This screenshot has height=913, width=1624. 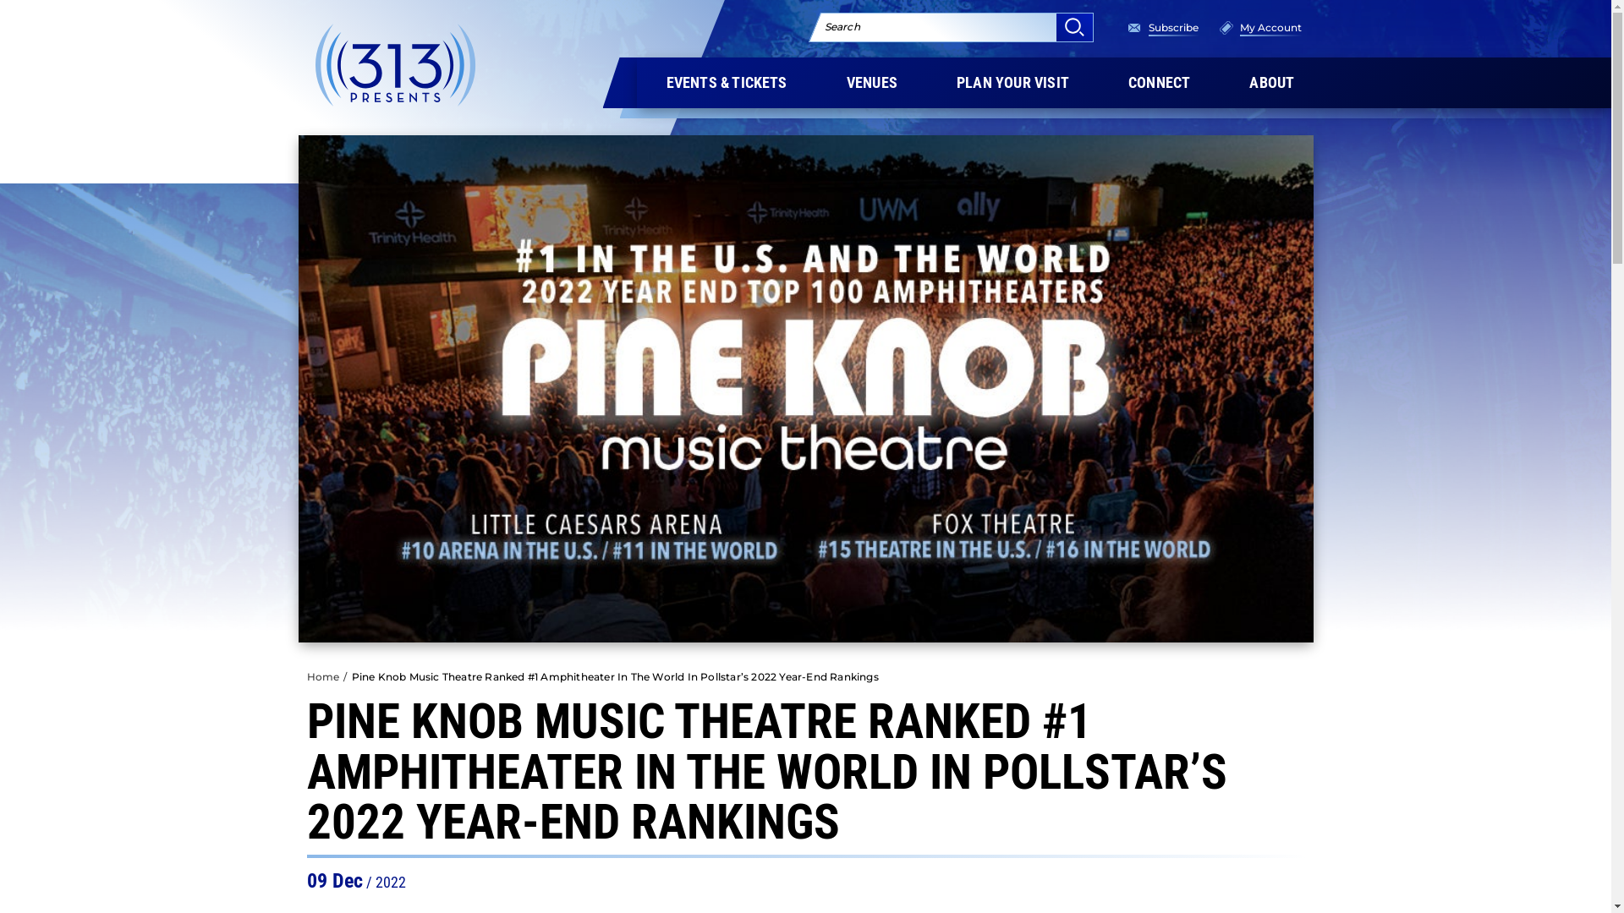 I want to click on 'My Account', so click(x=1239, y=27).